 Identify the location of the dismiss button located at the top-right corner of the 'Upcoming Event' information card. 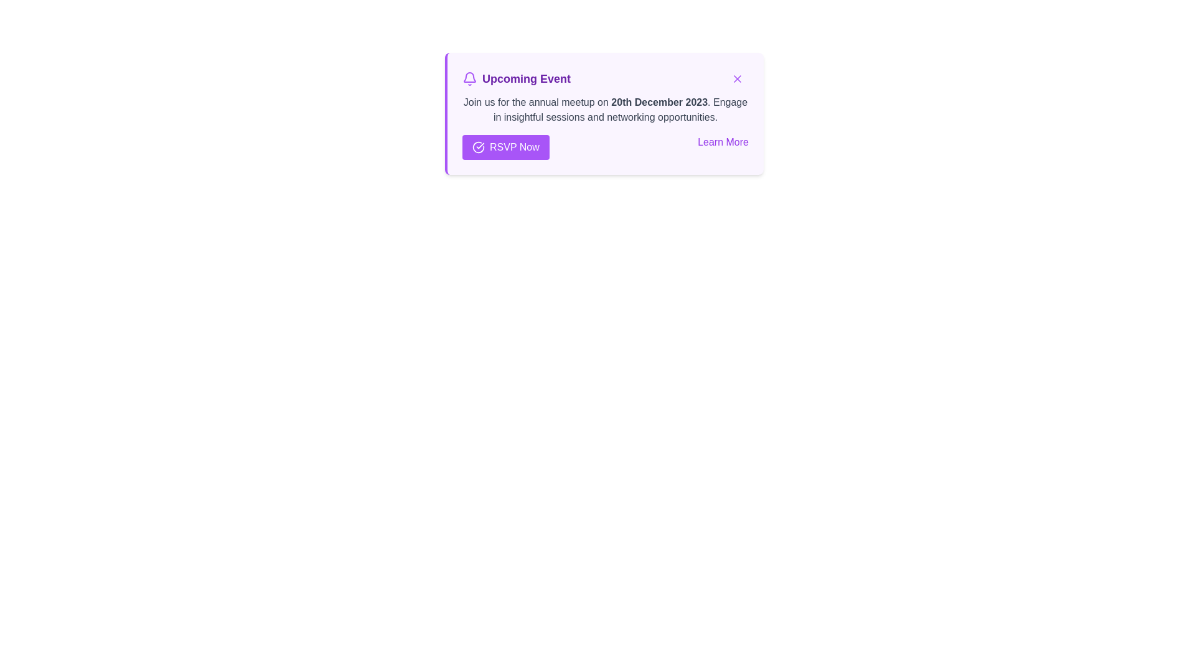
(738, 79).